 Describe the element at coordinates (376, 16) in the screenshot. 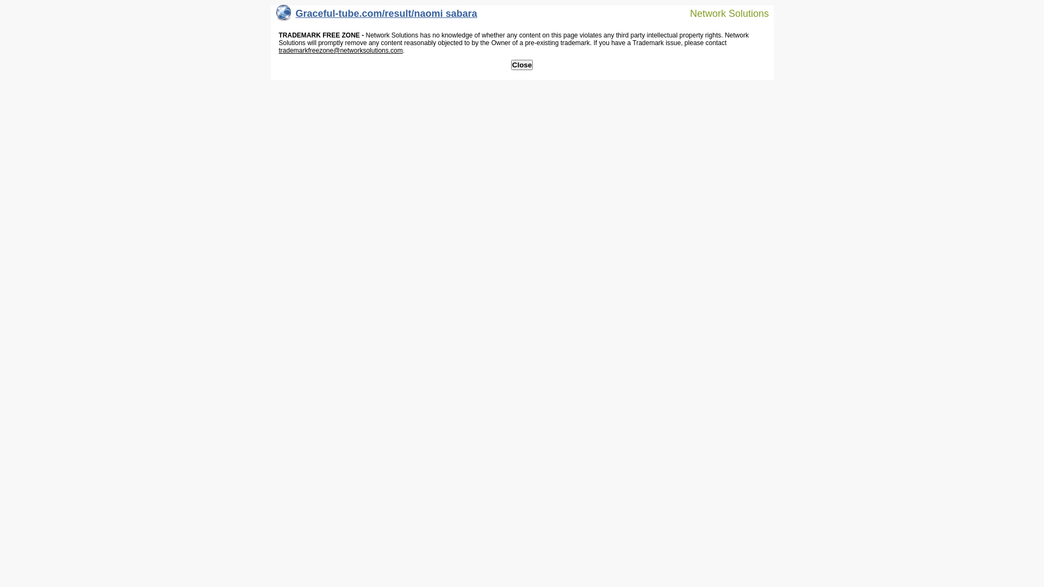

I see `'Graceful-tube.com/result/naomi sabara'` at that location.